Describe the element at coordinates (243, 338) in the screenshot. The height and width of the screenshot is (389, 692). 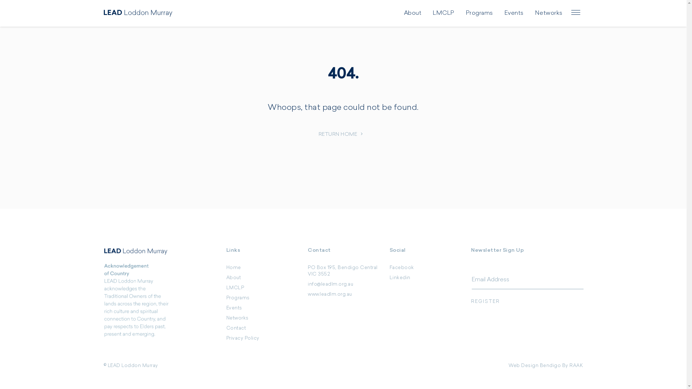
I see `'Privacy Policy'` at that location.